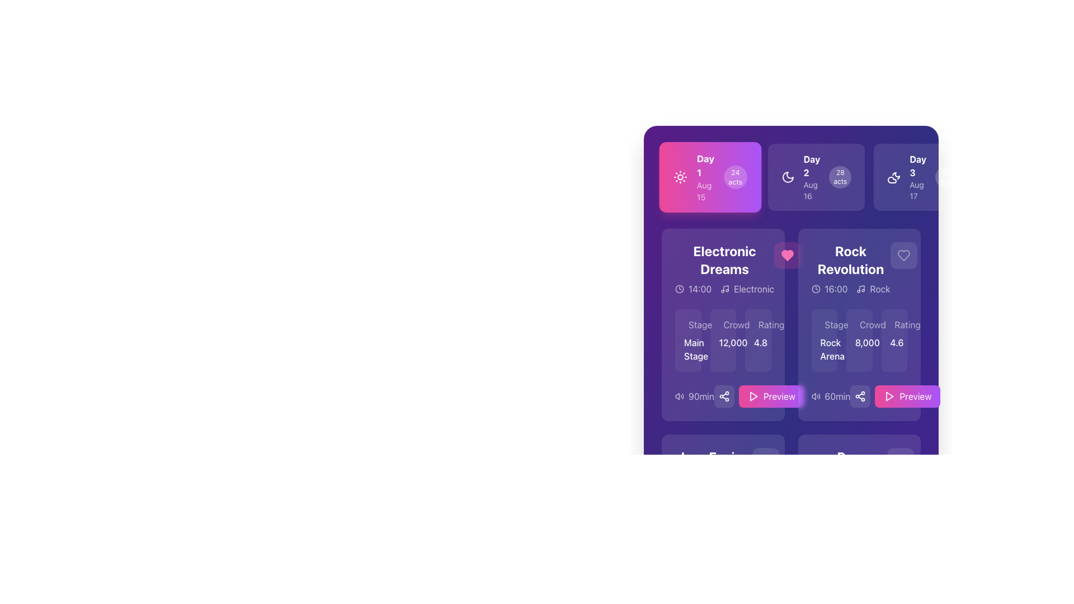 The width and height of the screenshot is (1074, 604). What do you see at coordinates (889, 396) in the screenshot?
I see `keyboard navigation` at bounding box center [889, 396].